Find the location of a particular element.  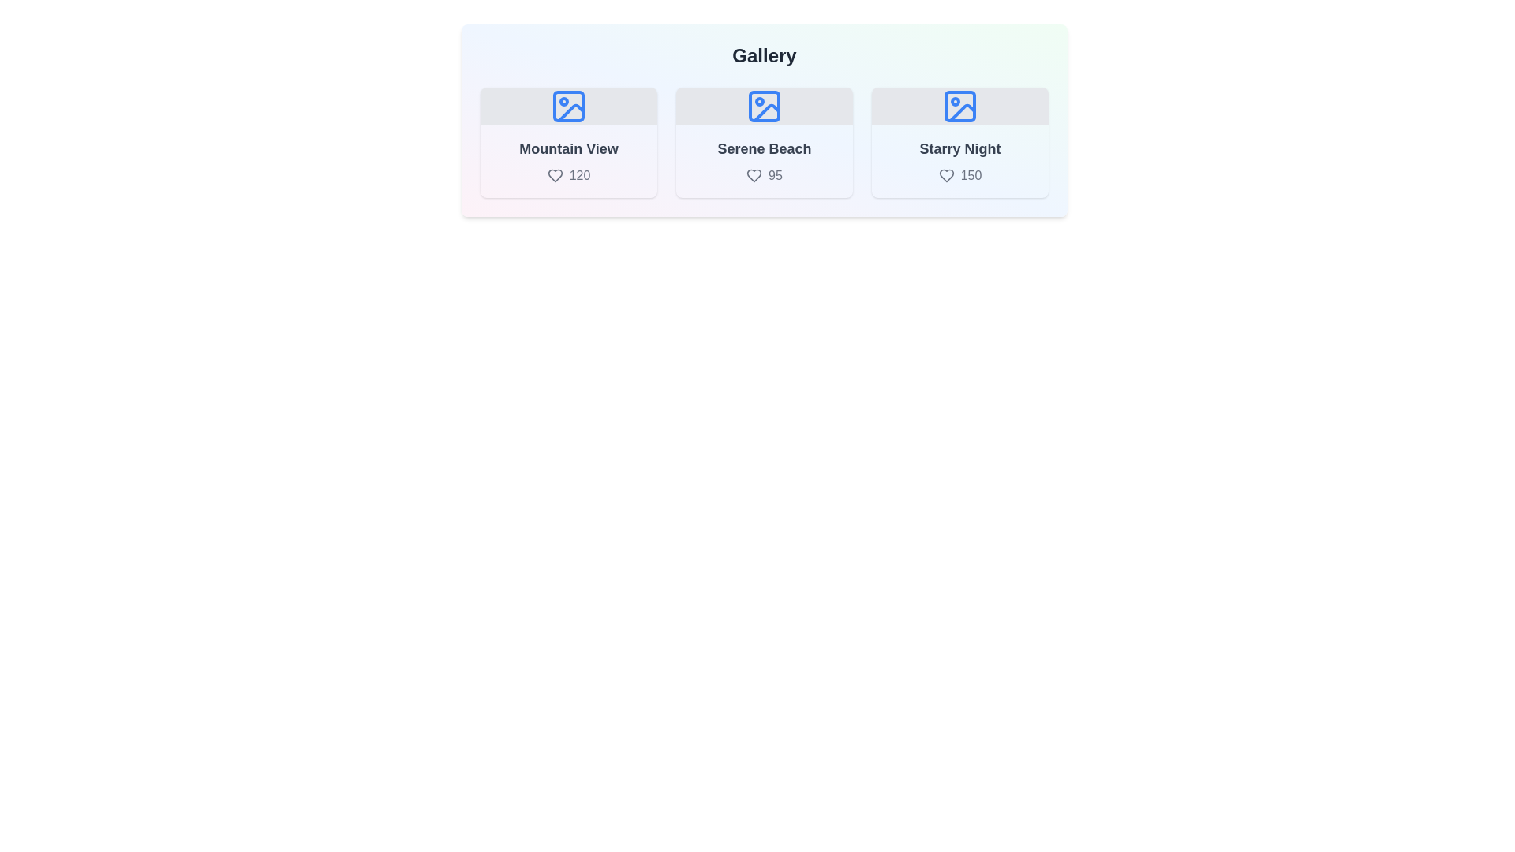

the image section to view details for Serene Beach is located at coordinates (765, 143).